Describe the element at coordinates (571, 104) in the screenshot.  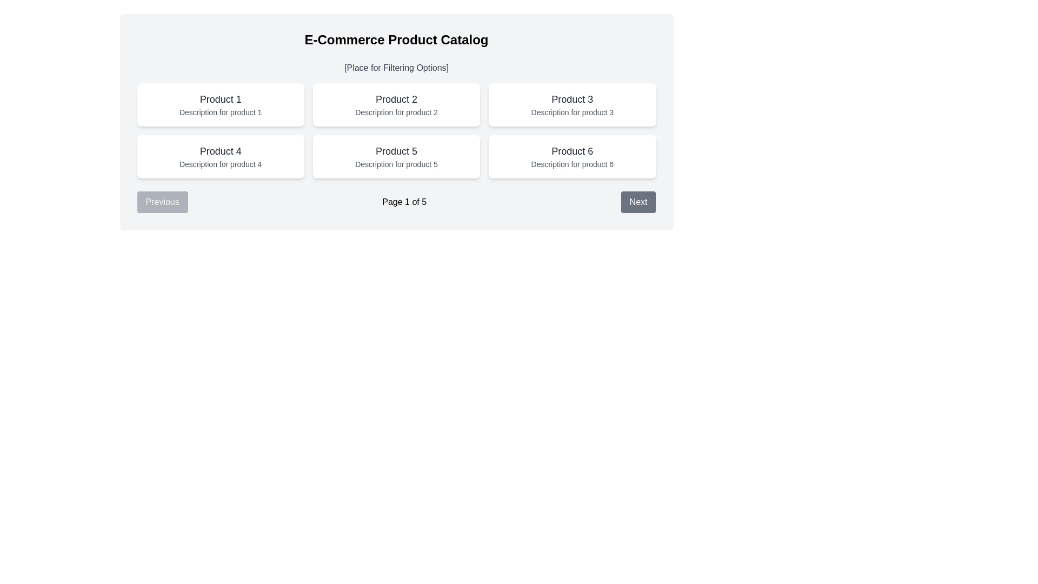
I see `the product entry card located in the upper-right section of the three-column grid` at that location.